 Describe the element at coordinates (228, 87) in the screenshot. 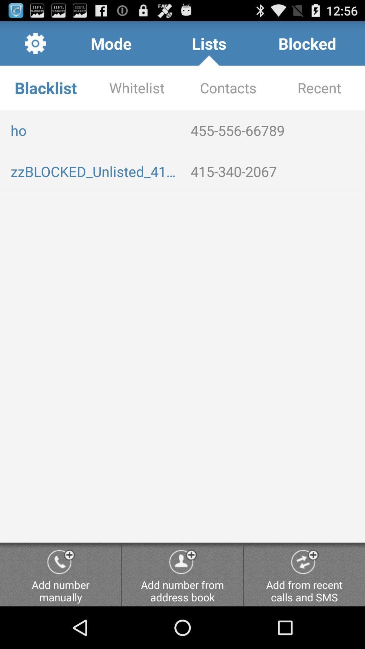

I see `the item below lists` at that location.